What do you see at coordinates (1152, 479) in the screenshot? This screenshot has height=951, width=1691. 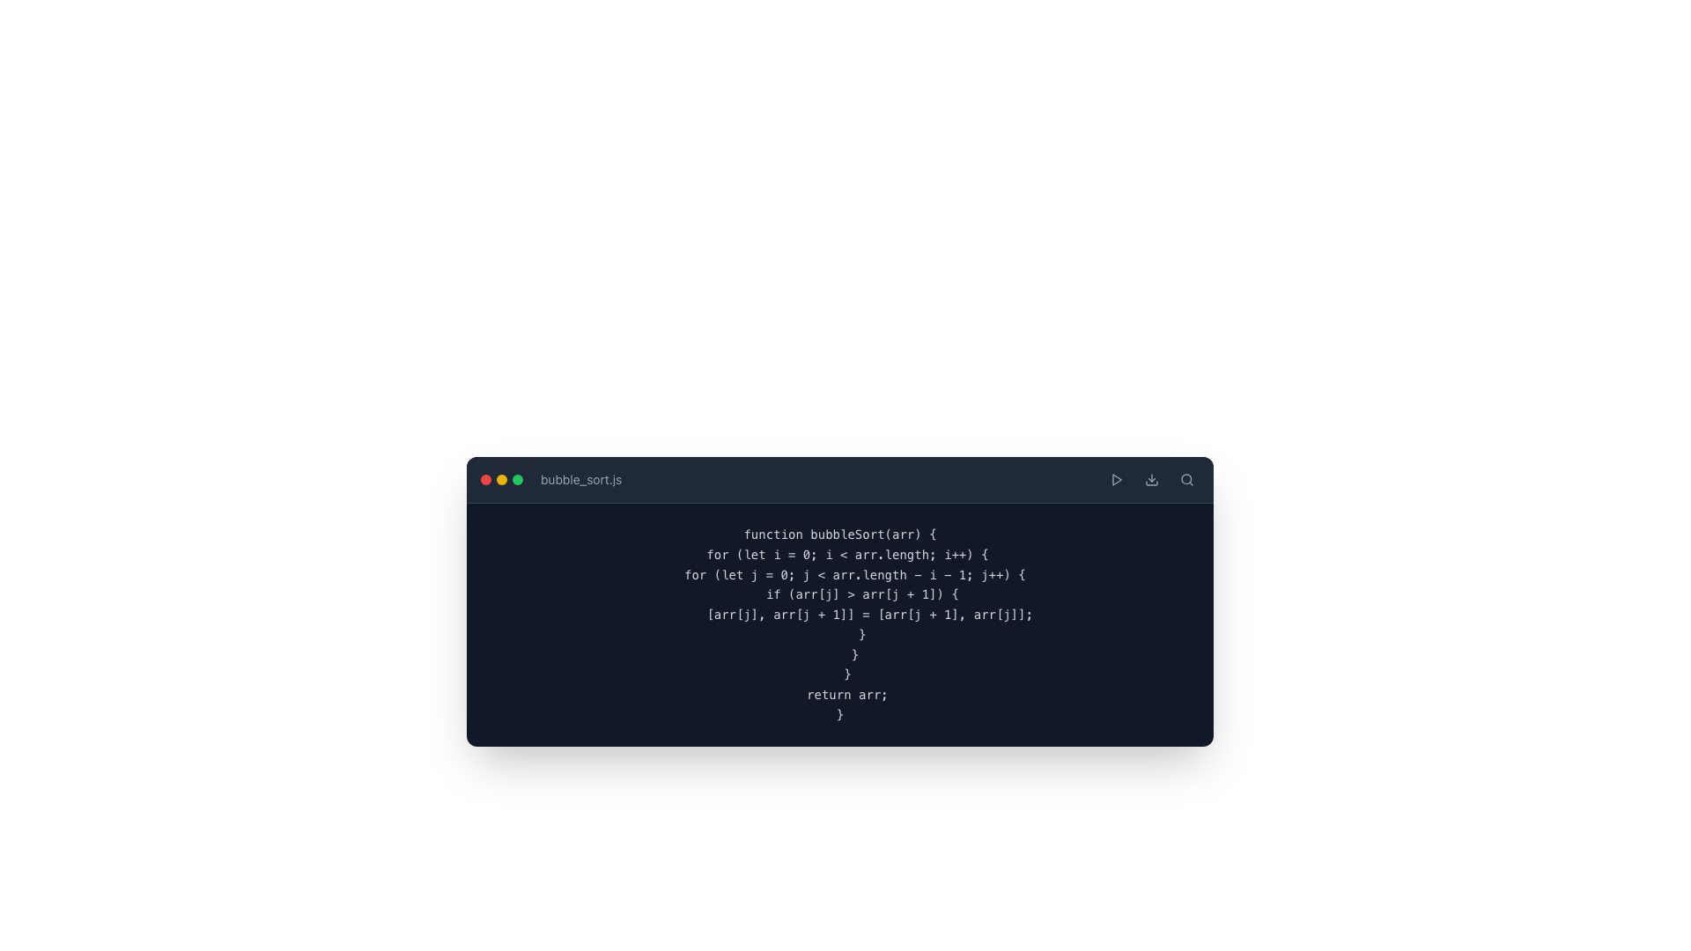 I see `the download icon button located in the top-right corner toolbar of the modal to initiate a download` at bounding box center [1152, 479].